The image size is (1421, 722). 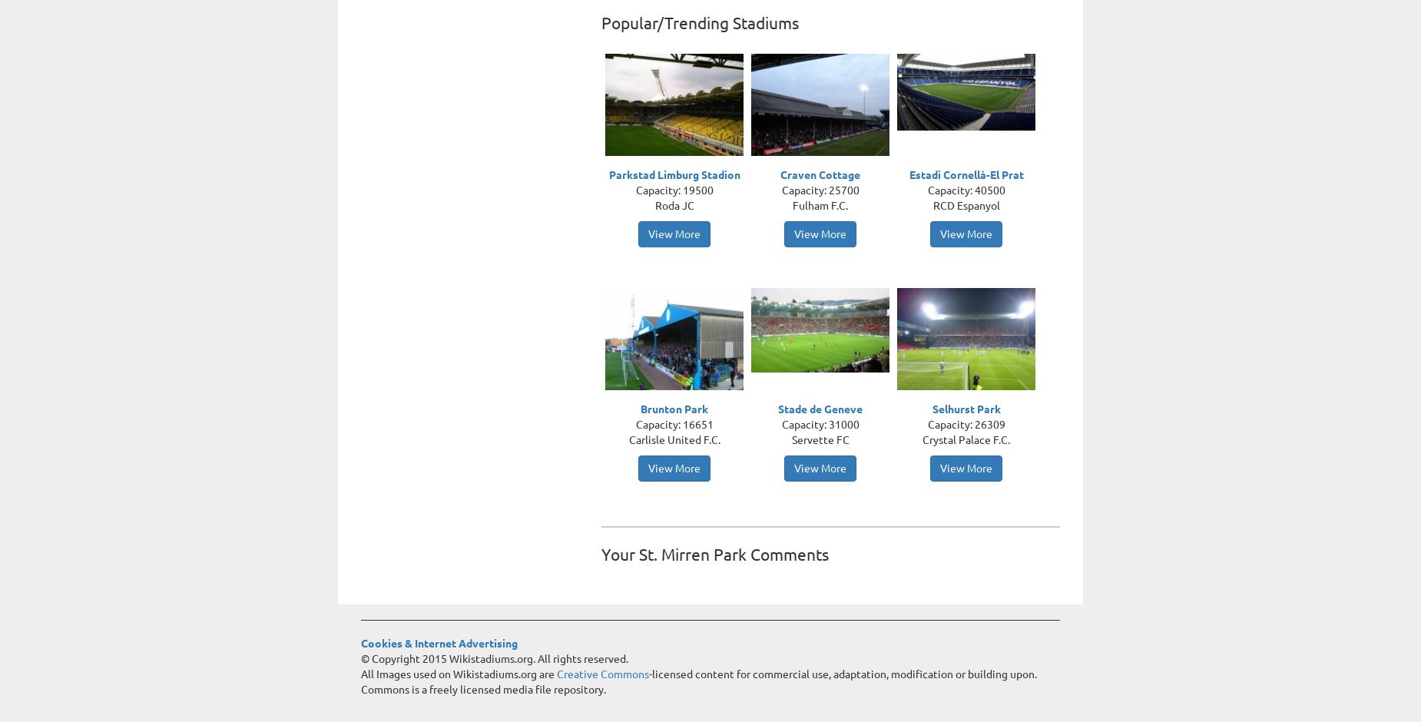 I want to click on 'Cookies & Internet Advertising', so click(x=439, y=643).